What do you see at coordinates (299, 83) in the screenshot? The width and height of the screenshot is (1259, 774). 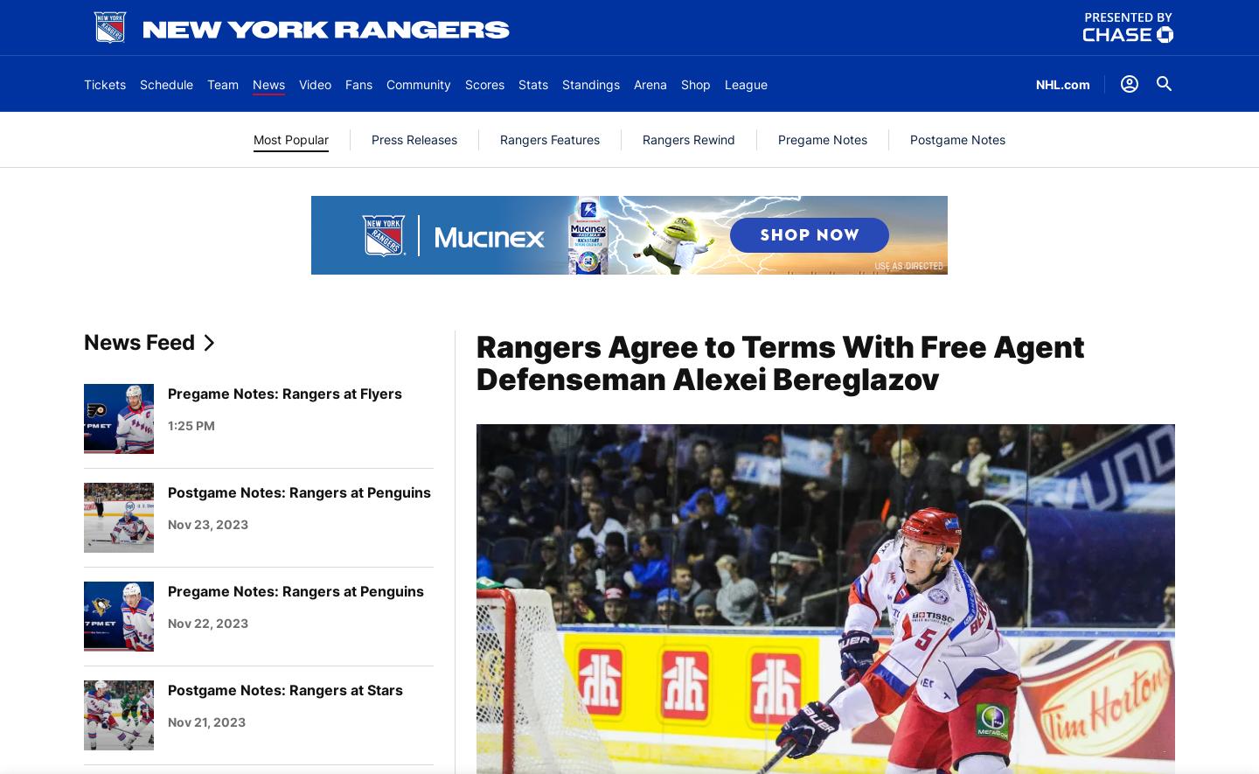 I see `'Video'` at bounding box center [299, 83].